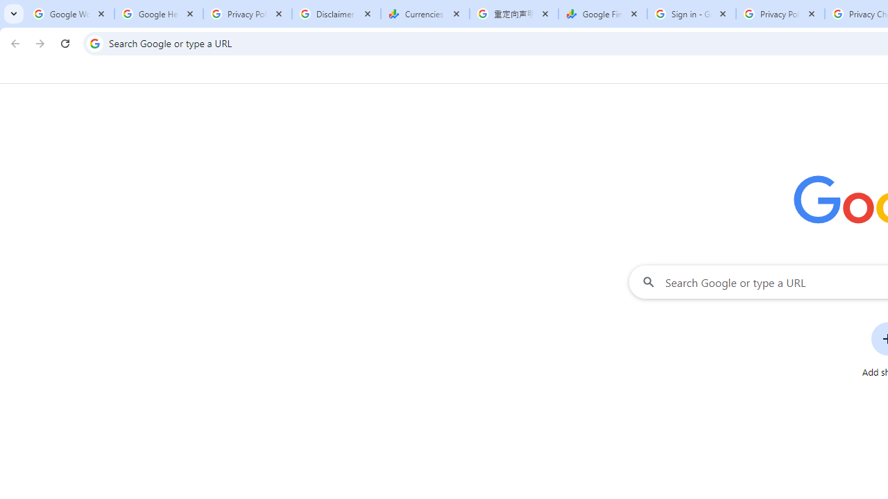 The height and width of the screenshot is (499, 888). Describe the element at coordinates (69, 14) in the screenshot. I see `'Google Workspace Admin Community'` at that location.